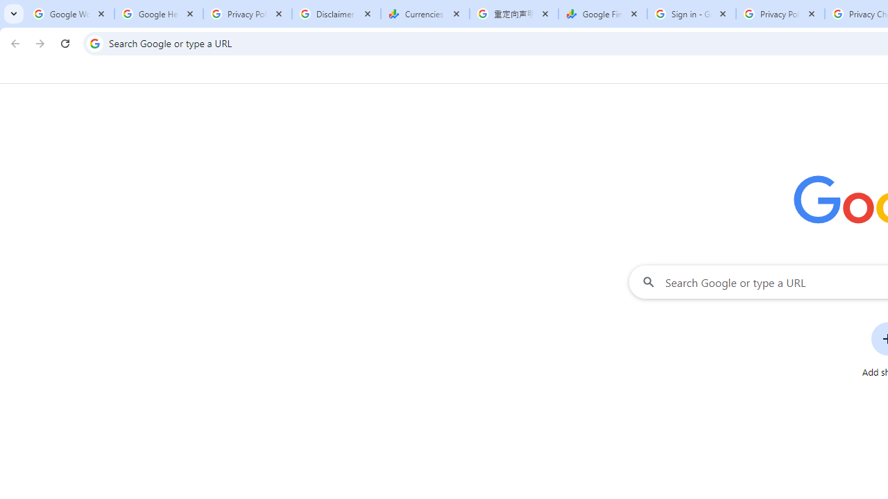 The height and width of the screenshot is (499, 888). Describe the element at coordinates (69, 14) in the screenshot. I see `'Google Workspace Admin Community'` at that location.